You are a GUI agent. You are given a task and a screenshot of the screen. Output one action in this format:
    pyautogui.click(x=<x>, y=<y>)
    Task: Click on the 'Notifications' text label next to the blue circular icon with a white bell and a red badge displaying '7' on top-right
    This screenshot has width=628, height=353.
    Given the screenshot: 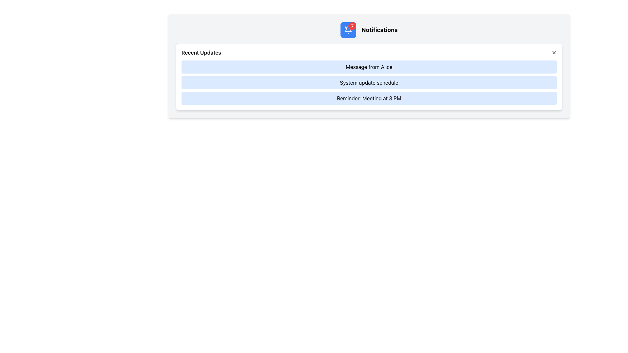 What is the action you would take?
    pyautogui.click(x=369, y=30)
    